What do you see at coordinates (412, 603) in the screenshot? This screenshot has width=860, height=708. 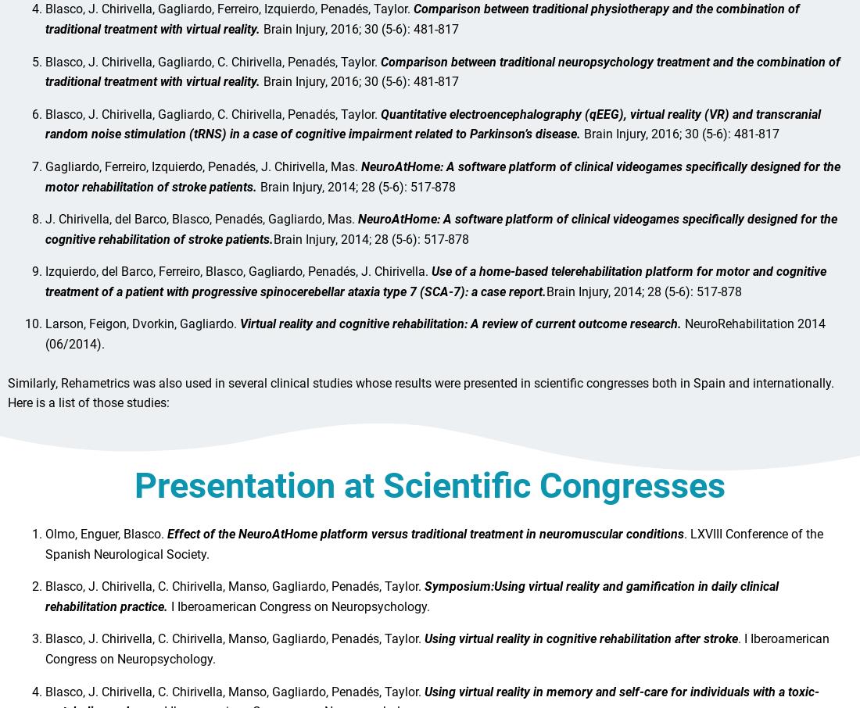 I see `'Using virtual reality and gamification in daily clinical rehabilitation practice.'` at bounding box center [412, 603].